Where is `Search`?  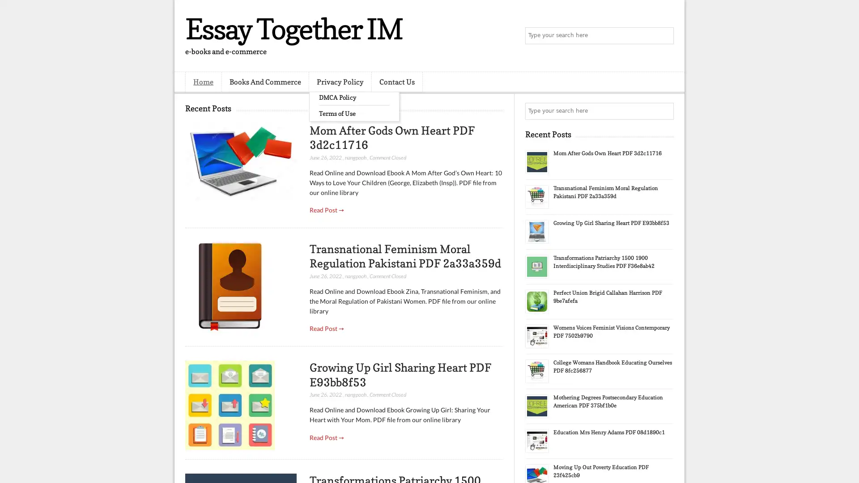
Search is located at coordinates (664, 36).